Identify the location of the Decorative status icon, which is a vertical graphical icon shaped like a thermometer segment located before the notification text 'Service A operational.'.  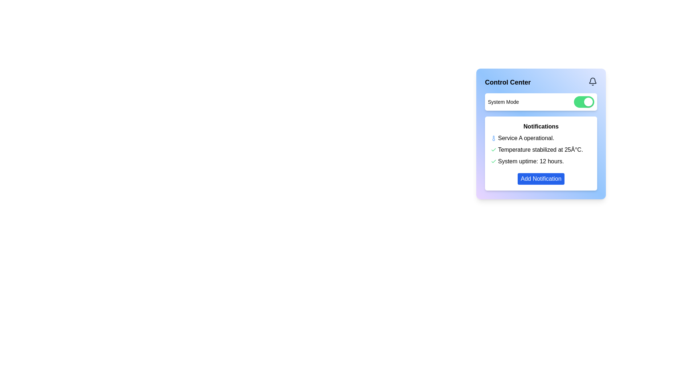
(493, 138).